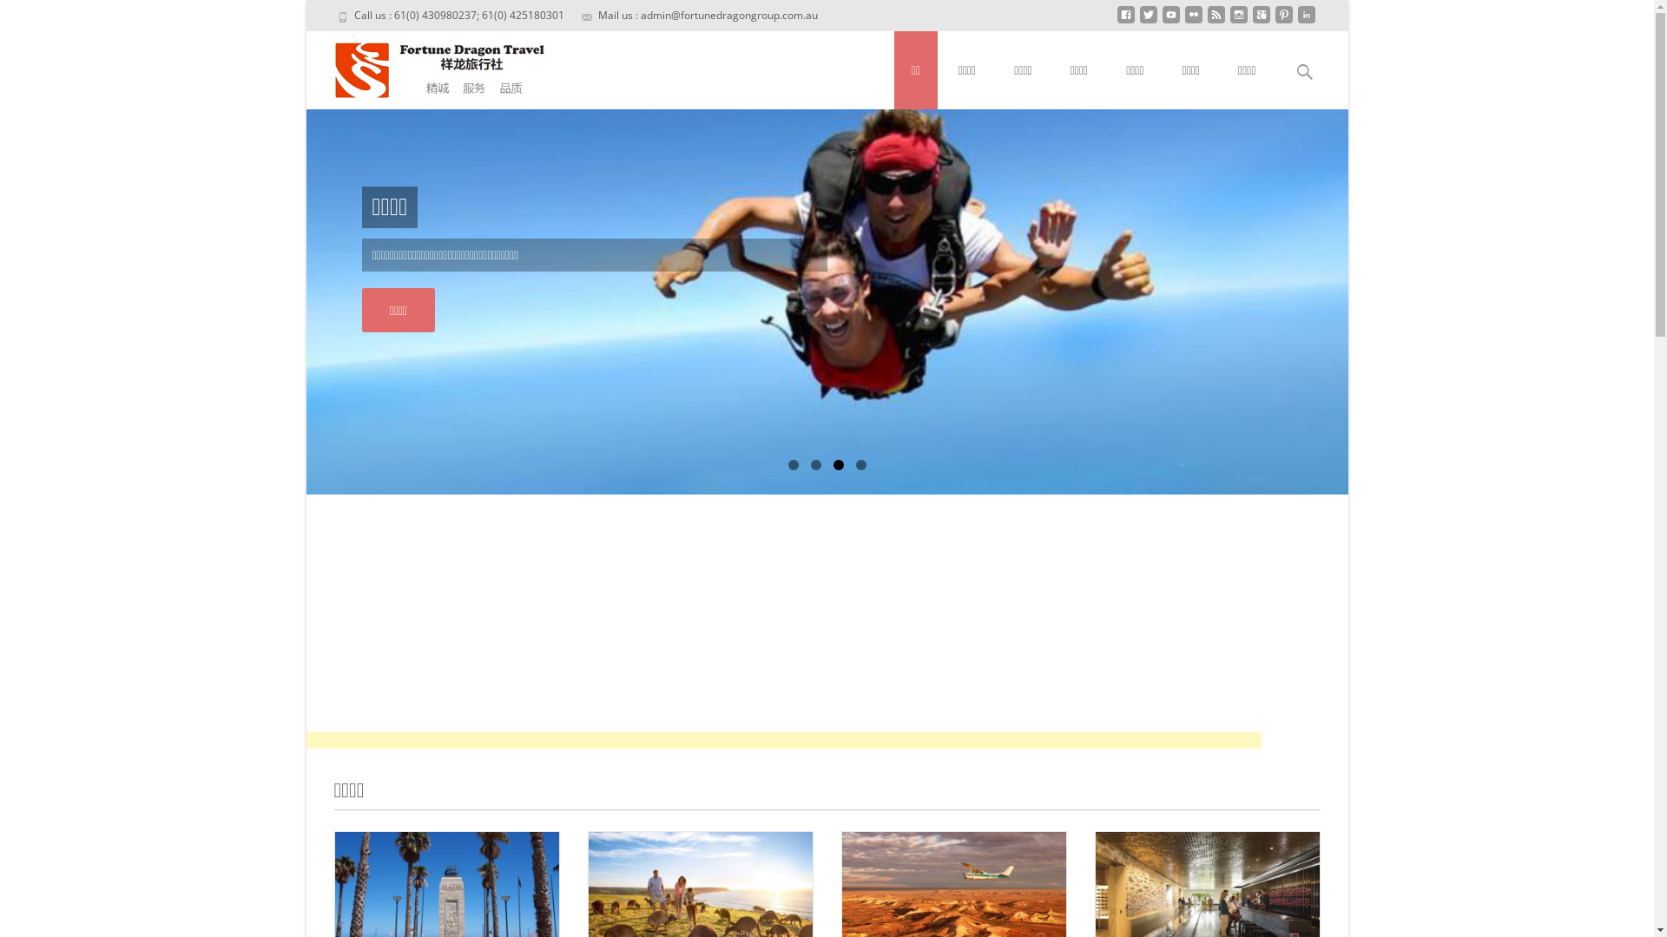 This screenshot has height=937, width=1667. I want to click on 'twitter', so click(1147, 21).